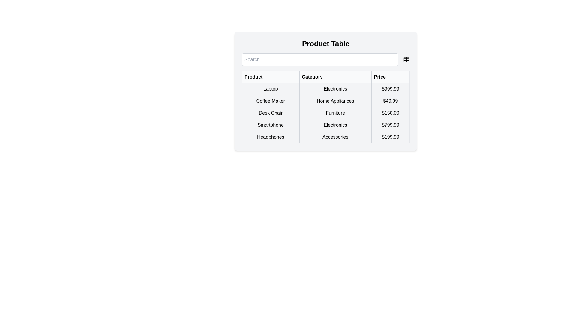  Describe the element at coordinates (390, 89) in the screenshot. I see `the Static Text element displaying the price '$999.99' in the Price column of the table row` at that location.